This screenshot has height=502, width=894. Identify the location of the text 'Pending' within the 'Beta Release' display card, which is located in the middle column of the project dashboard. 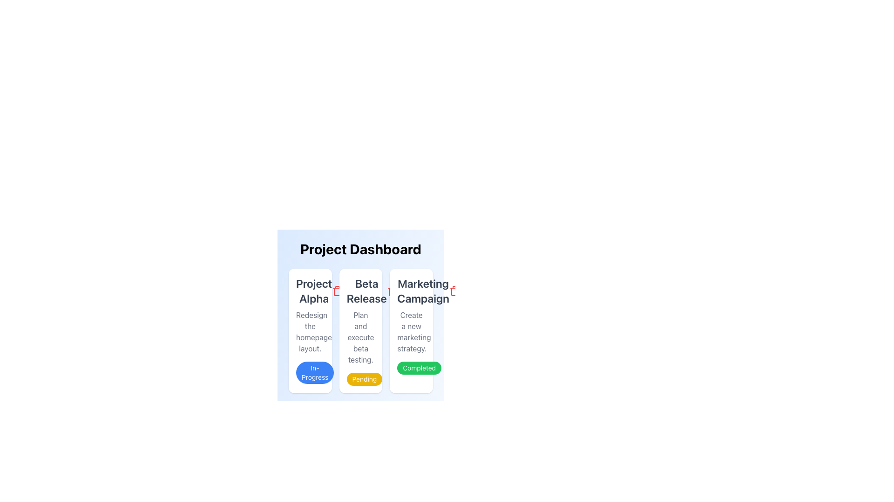
(360, 330).